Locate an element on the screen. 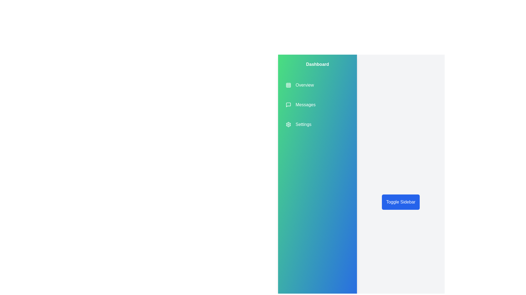 The width and height of the screenshot is (526, 295). 'Toggle Sidebar' button to toggle the visibility of the sidebar is located at coordinates (401, 202).